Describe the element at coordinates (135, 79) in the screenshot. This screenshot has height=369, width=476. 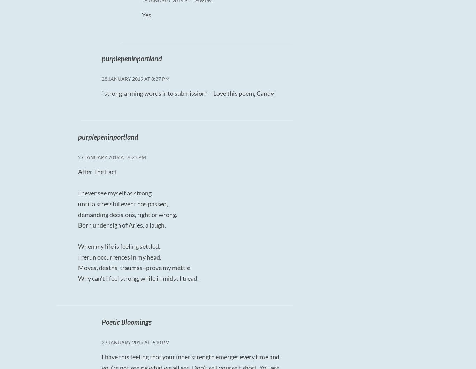
I see `'28 January 2019 at 8:37 PM'` at that location.